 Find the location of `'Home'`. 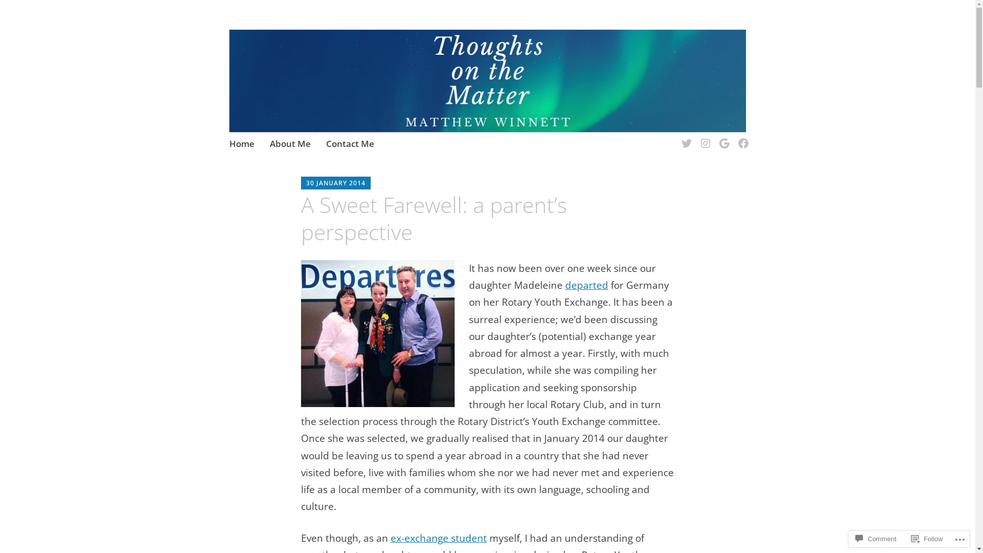

'Home' is located at coordinates (241, 144).